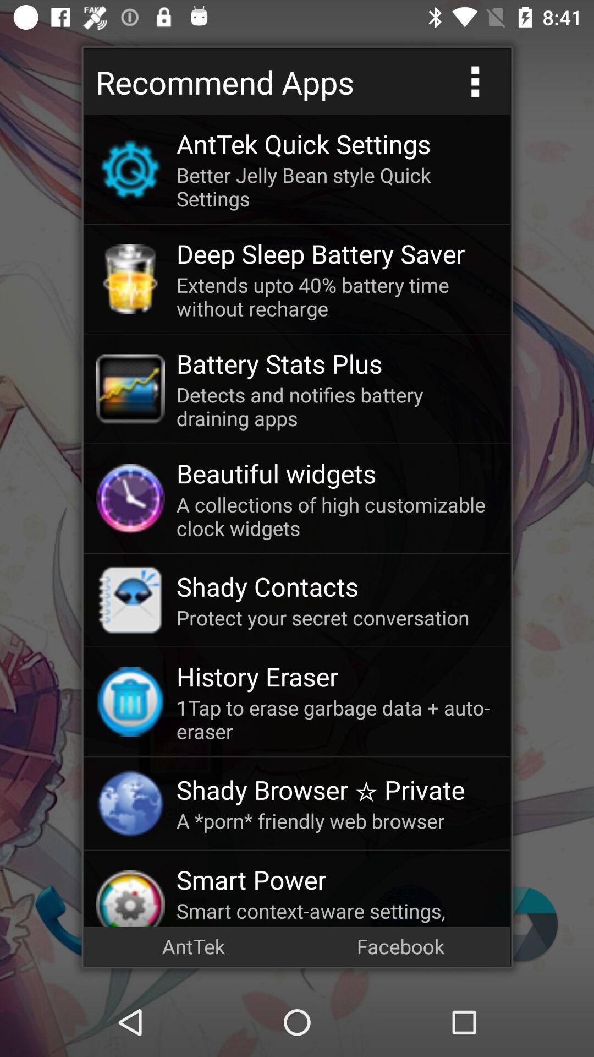  Describe the element at coordinates (337, 515) in the screenshot. I see `app below the beautiful widgets item` at that location.